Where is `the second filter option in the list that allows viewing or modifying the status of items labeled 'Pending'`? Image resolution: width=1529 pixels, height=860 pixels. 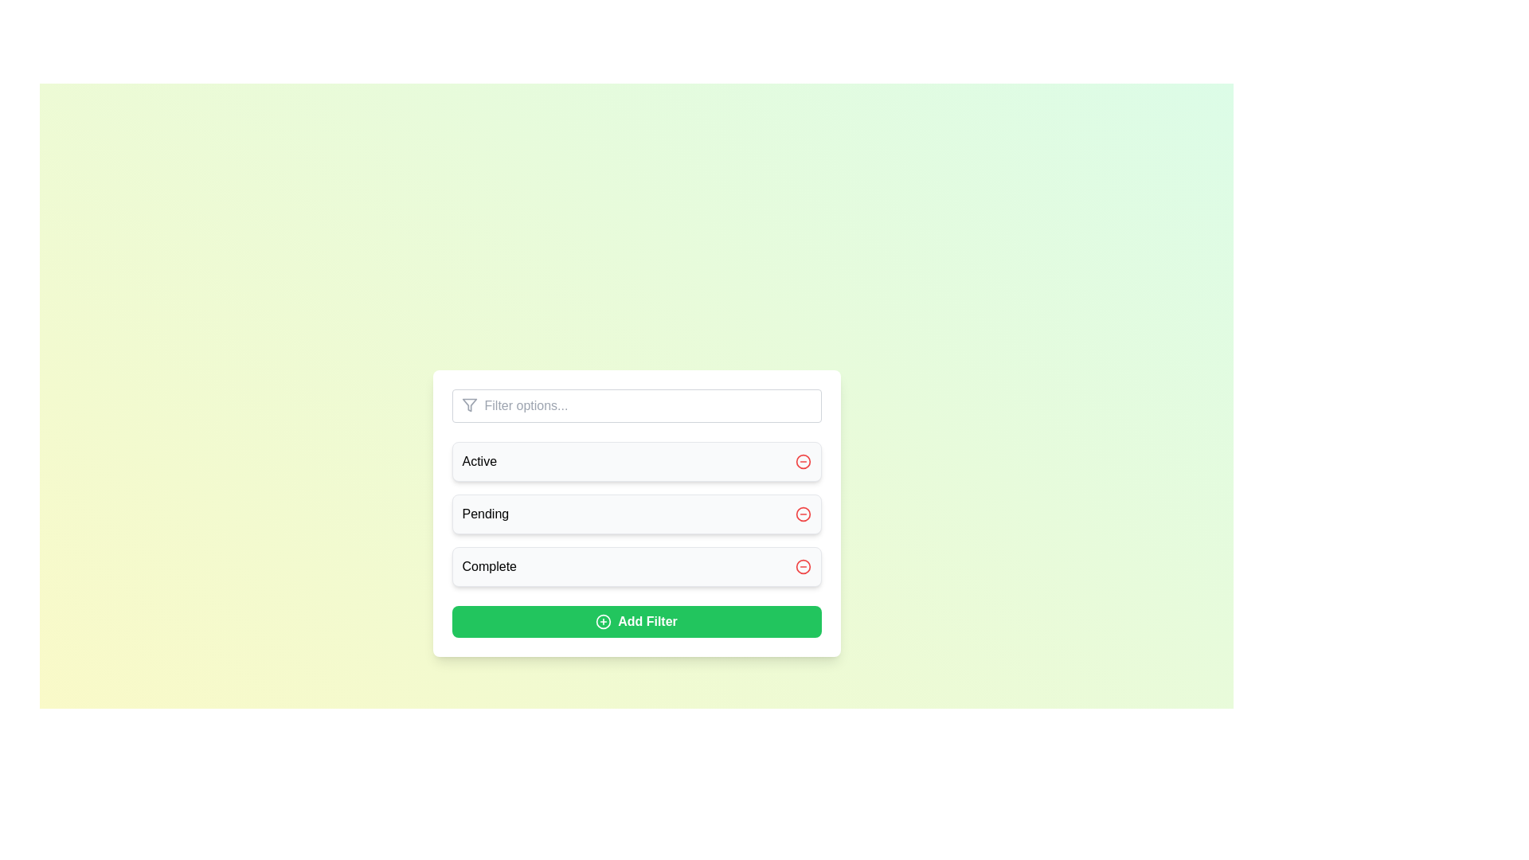 the second filter option in the list that allows viewing or modifying the status of items labeled 'Pending' is located at coordinates (635, 513).